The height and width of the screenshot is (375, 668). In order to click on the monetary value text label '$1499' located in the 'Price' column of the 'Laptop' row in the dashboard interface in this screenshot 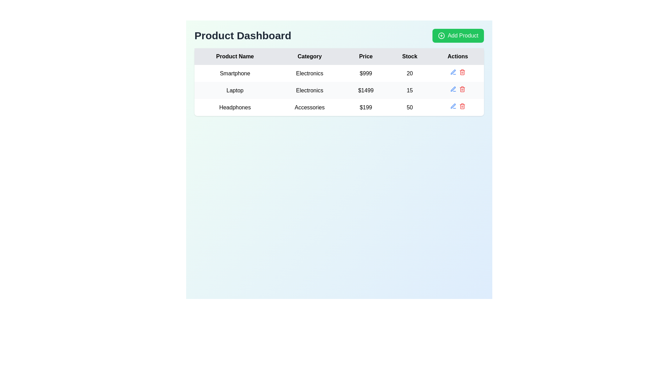, I will do `click(365, 90)`.